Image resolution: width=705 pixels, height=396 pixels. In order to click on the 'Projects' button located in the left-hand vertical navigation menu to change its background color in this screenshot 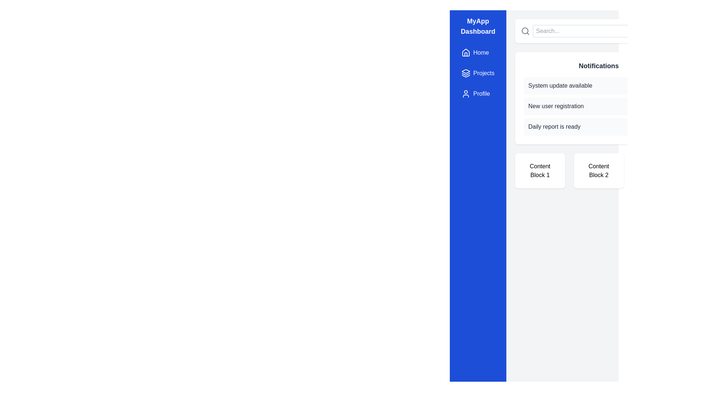, I will do `click(478, 73)`.